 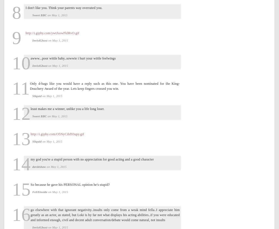 What do you see at coordinates (21, 164) in the screenshot?
I see `'14'` at bounding box center [21, 164].